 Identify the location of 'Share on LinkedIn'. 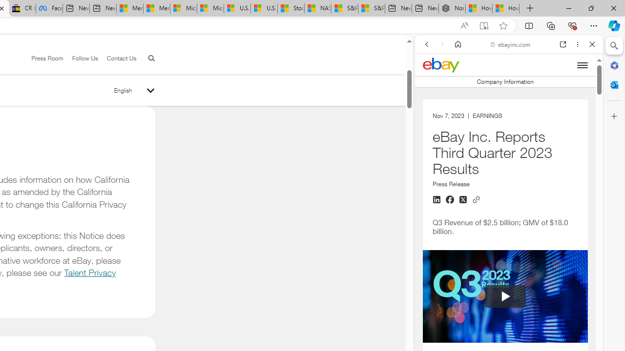
(436, 199).